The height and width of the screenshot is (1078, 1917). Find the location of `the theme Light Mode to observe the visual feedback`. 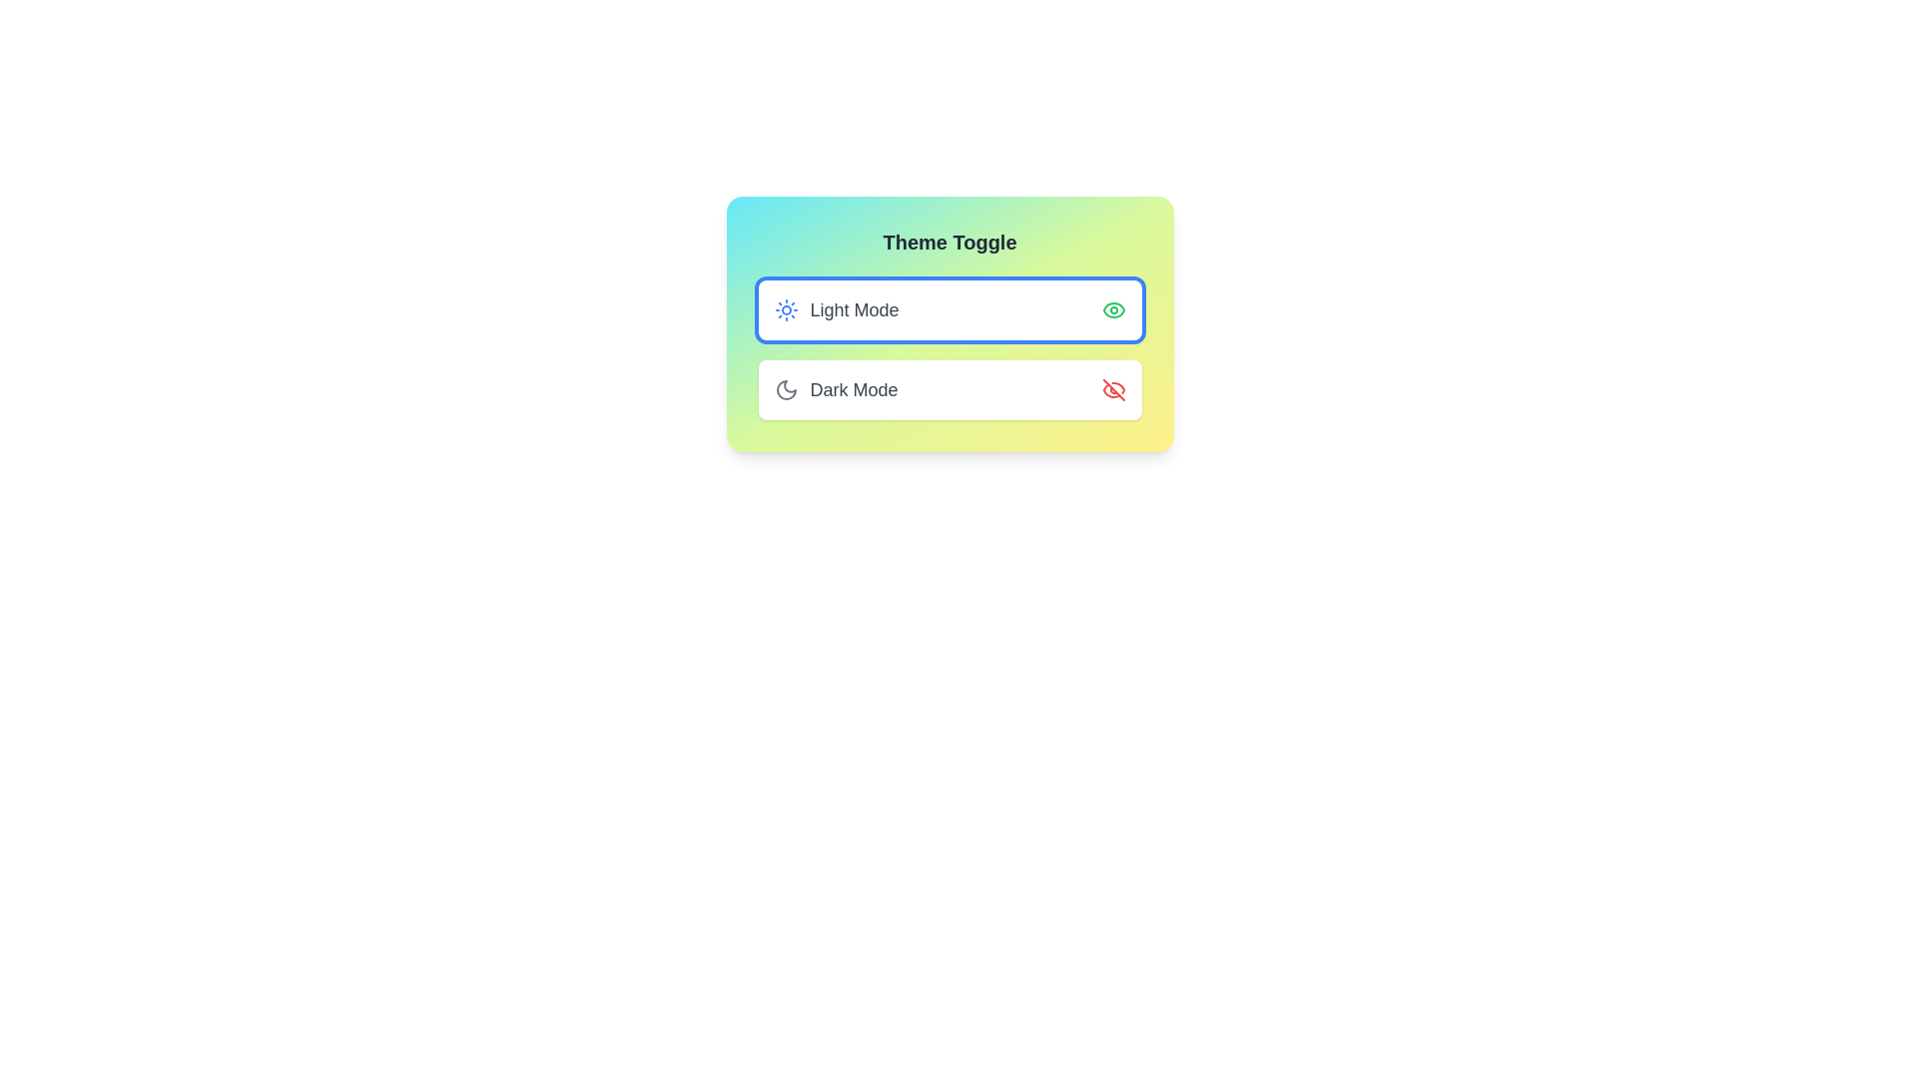

the theme Light Mode to observe the visual feedback is located at coordinates (949, 310).